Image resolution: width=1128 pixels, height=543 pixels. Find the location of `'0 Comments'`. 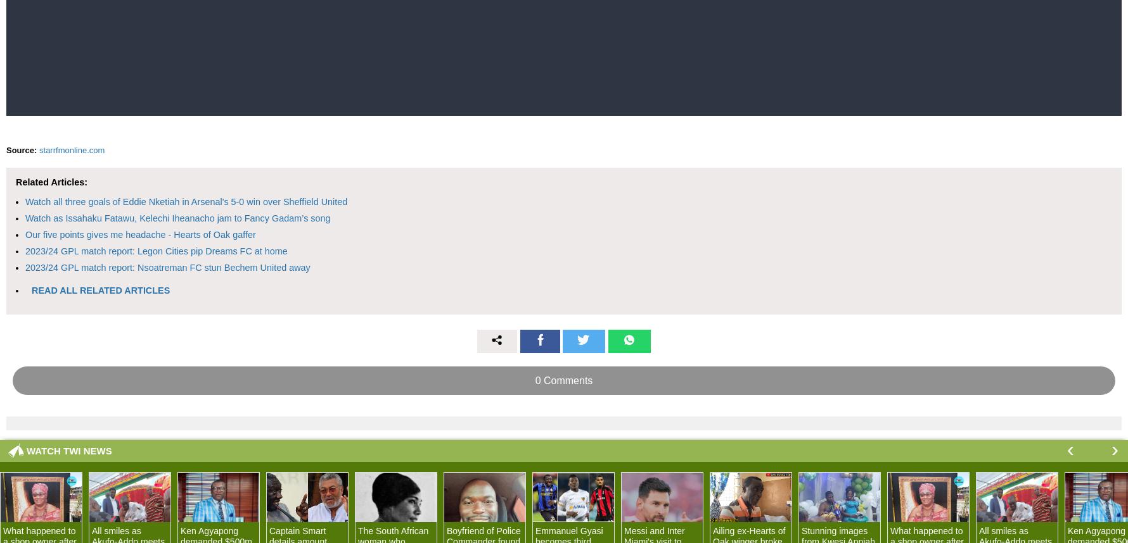

'0 Comments' is located at coordinates (563, 379).